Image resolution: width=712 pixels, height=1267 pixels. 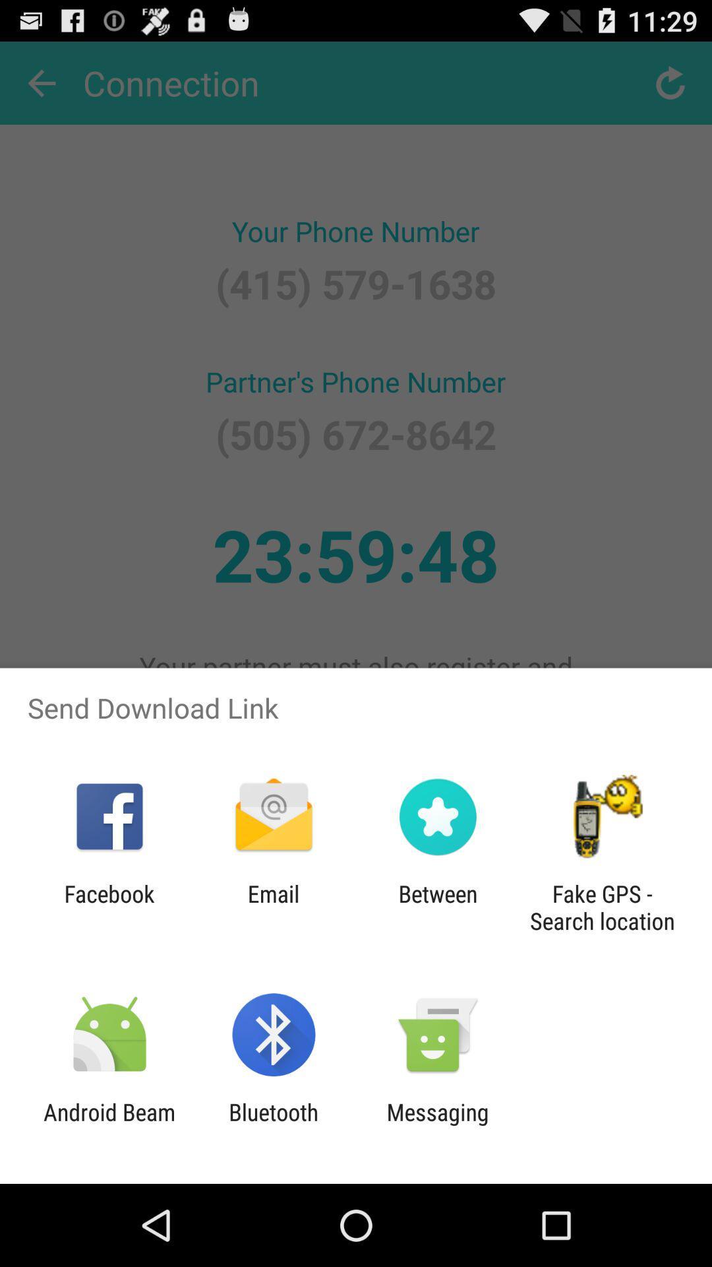 I want to click on icon next to the facebook icon, so click(x=273, y=907).